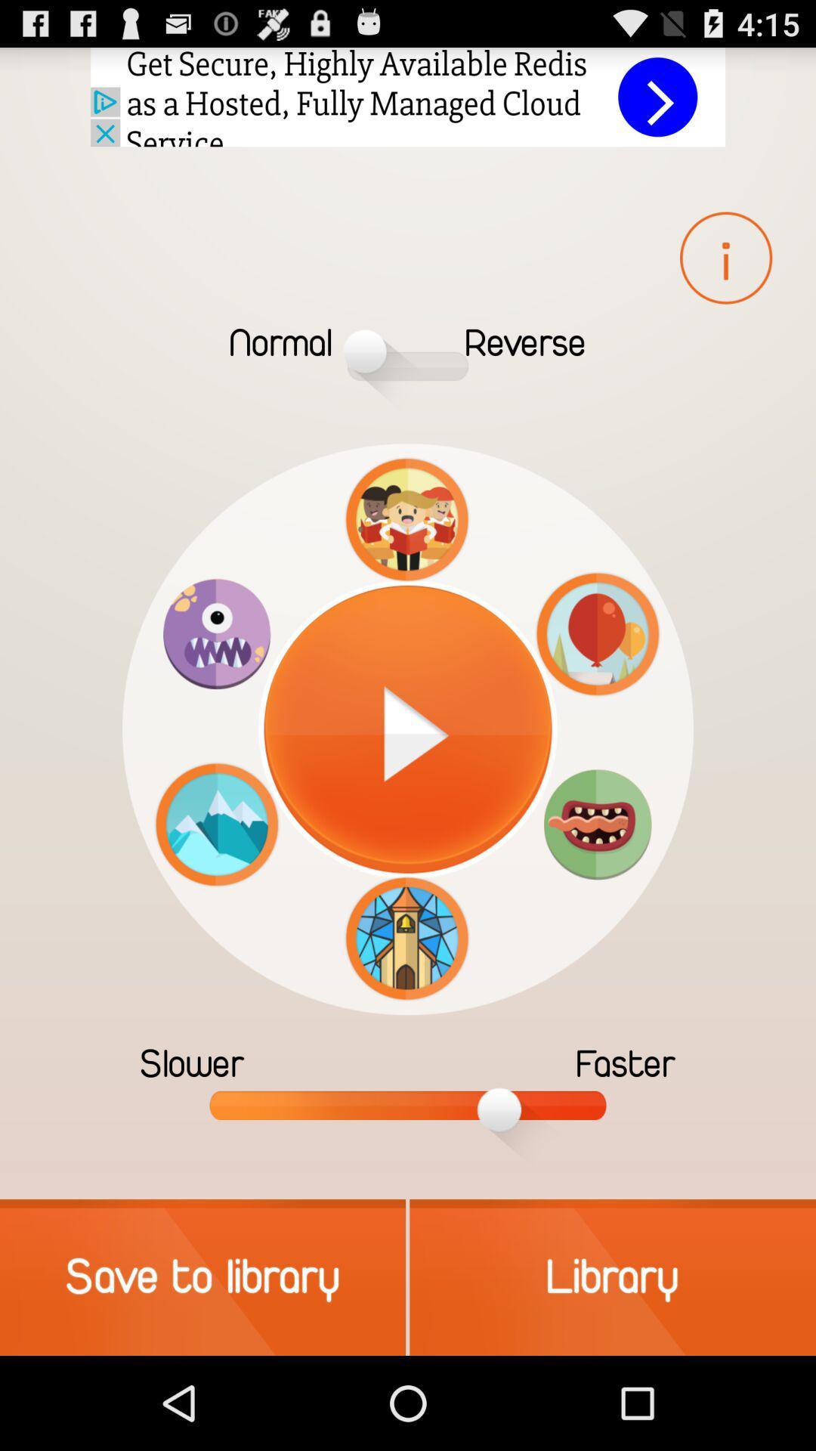 This screenshot has width=816, height=1451. What do you see at coordinates (406, 519) in the screenshot?
I see `the icon above the pause button` at bounding box center [406, 519].